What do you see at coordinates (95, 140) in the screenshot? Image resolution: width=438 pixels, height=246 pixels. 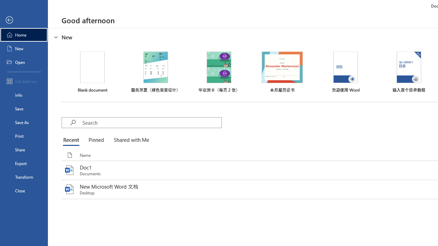 I see `'Pinned'` at bounding box center [95, 140].